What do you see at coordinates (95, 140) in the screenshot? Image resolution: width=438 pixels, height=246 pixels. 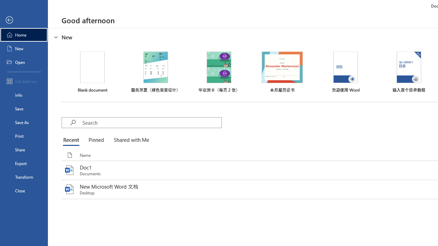 I see `'Pinned'` at bounding box center [95, 140].